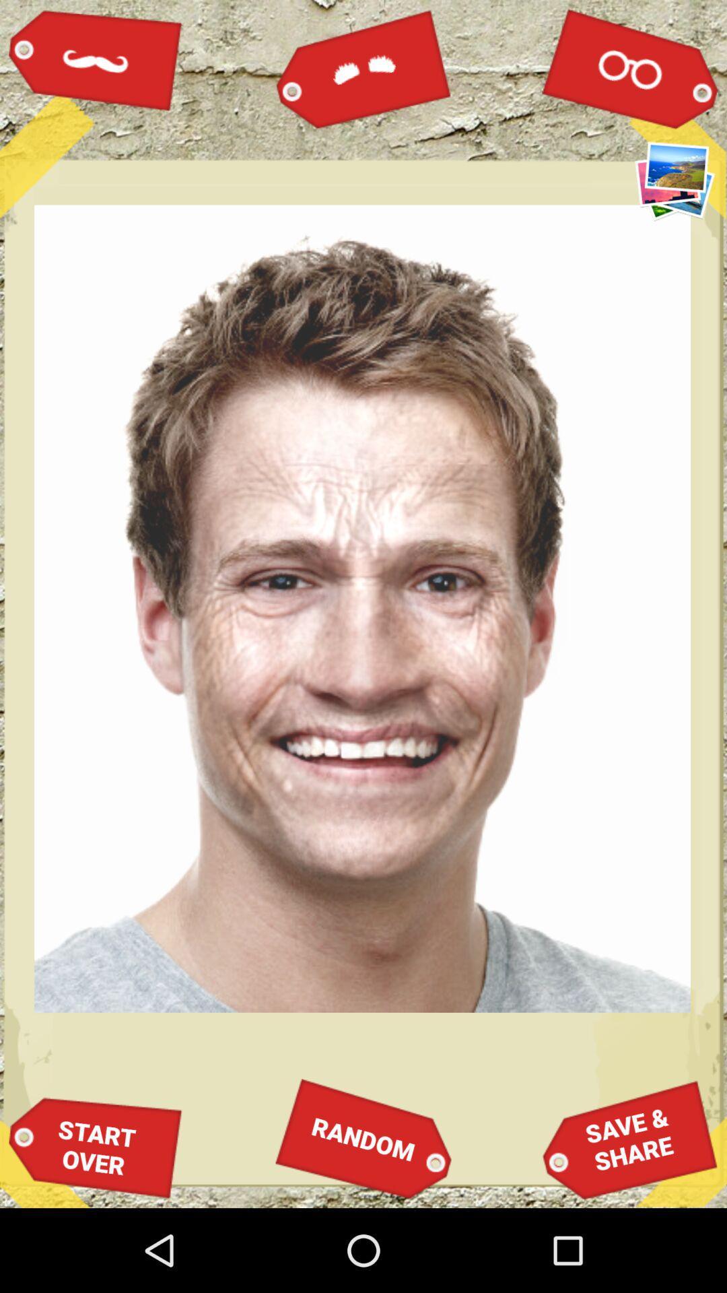 The height and width of the screenshot is (1293, 727). I want to click on icon to the left of random item, so click(95, 1147).